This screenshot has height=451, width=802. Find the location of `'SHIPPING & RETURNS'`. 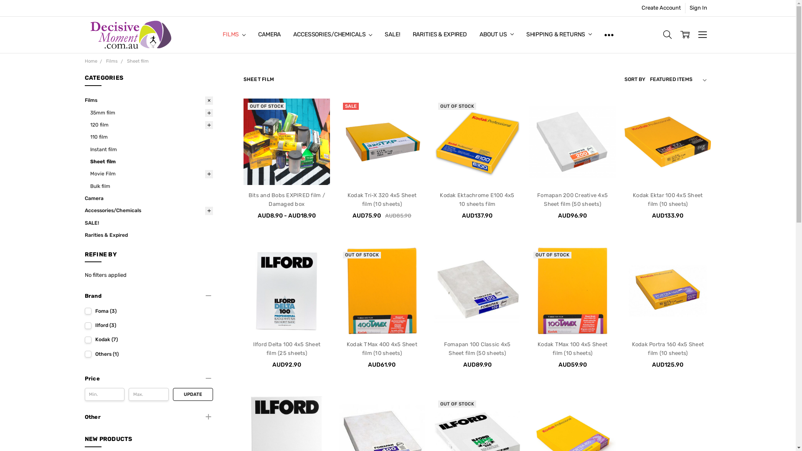

'SHIPPING & RETURNS' is located at coordinates (559, 34).